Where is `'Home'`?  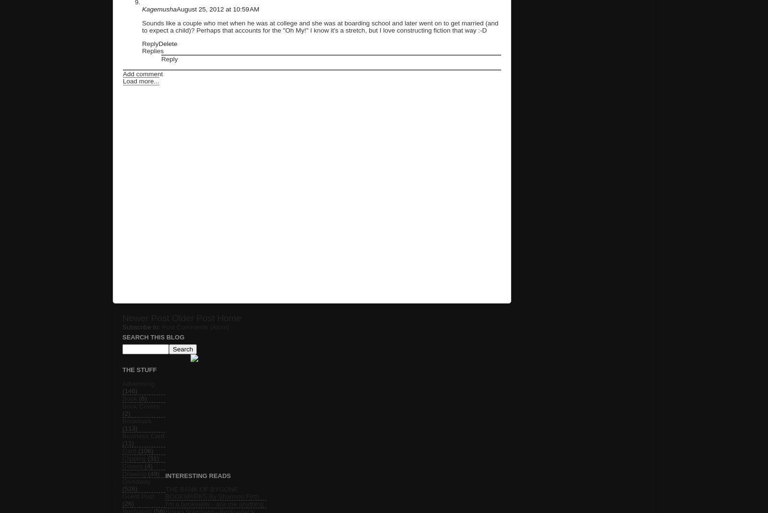 'Home' is located at coordinates (228, 317).